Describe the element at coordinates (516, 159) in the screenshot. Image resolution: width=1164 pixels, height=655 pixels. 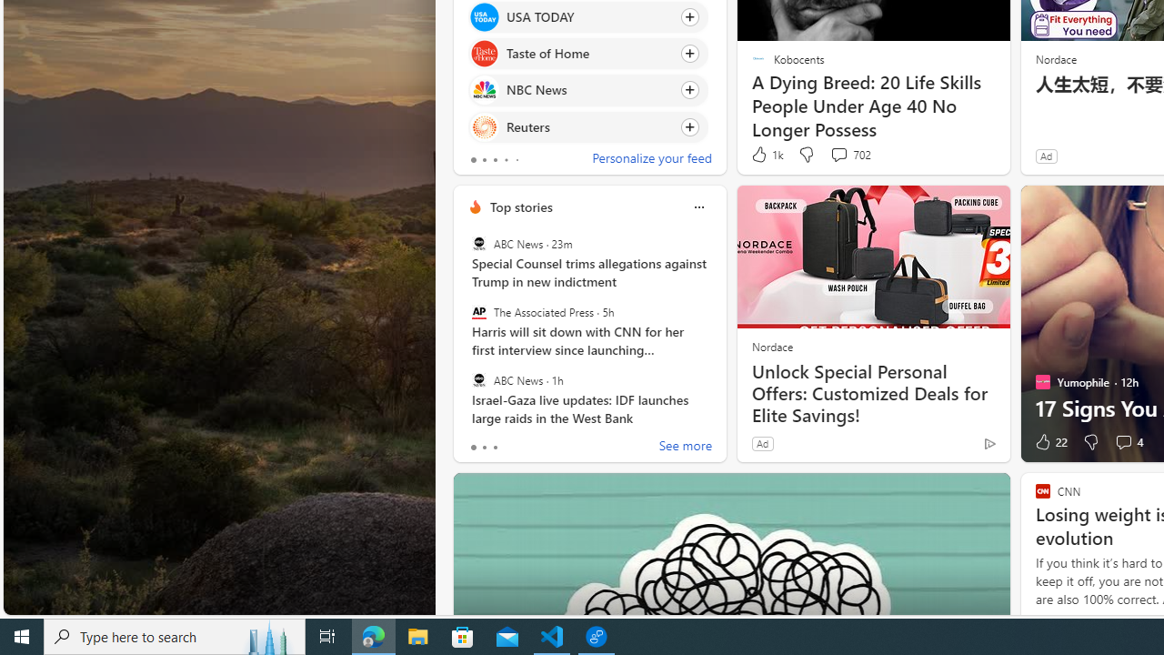
I see `'tab-4'` at that location.